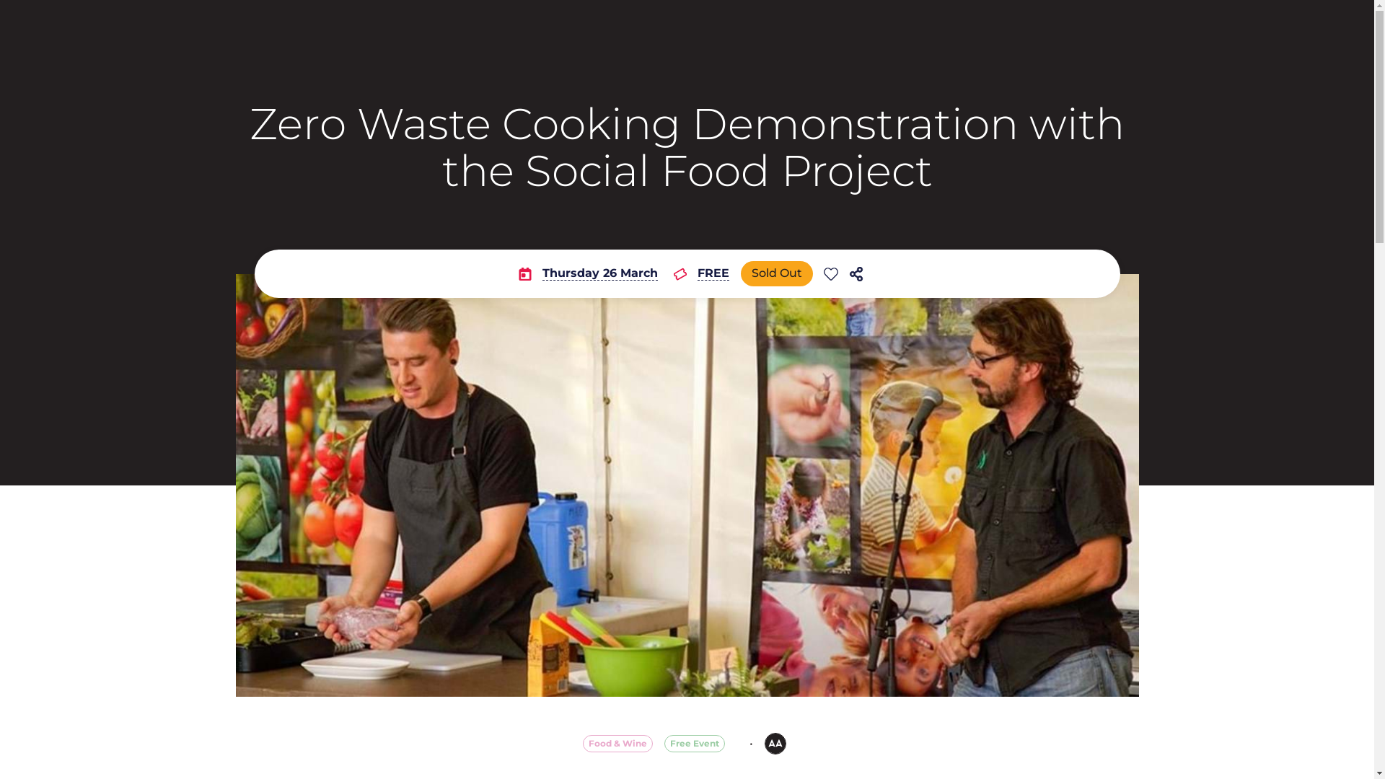 The height and width of the screenshot is (779, 1385). I want to click on 'Add event to favourites list', so click(824, 273).